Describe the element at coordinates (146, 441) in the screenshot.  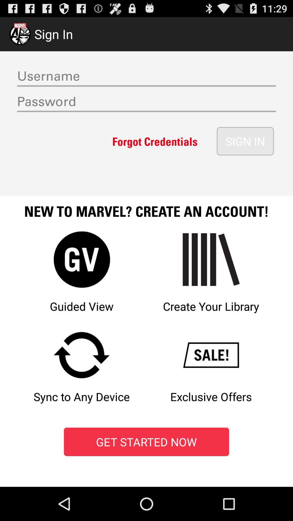
I see `red color box` at that location.